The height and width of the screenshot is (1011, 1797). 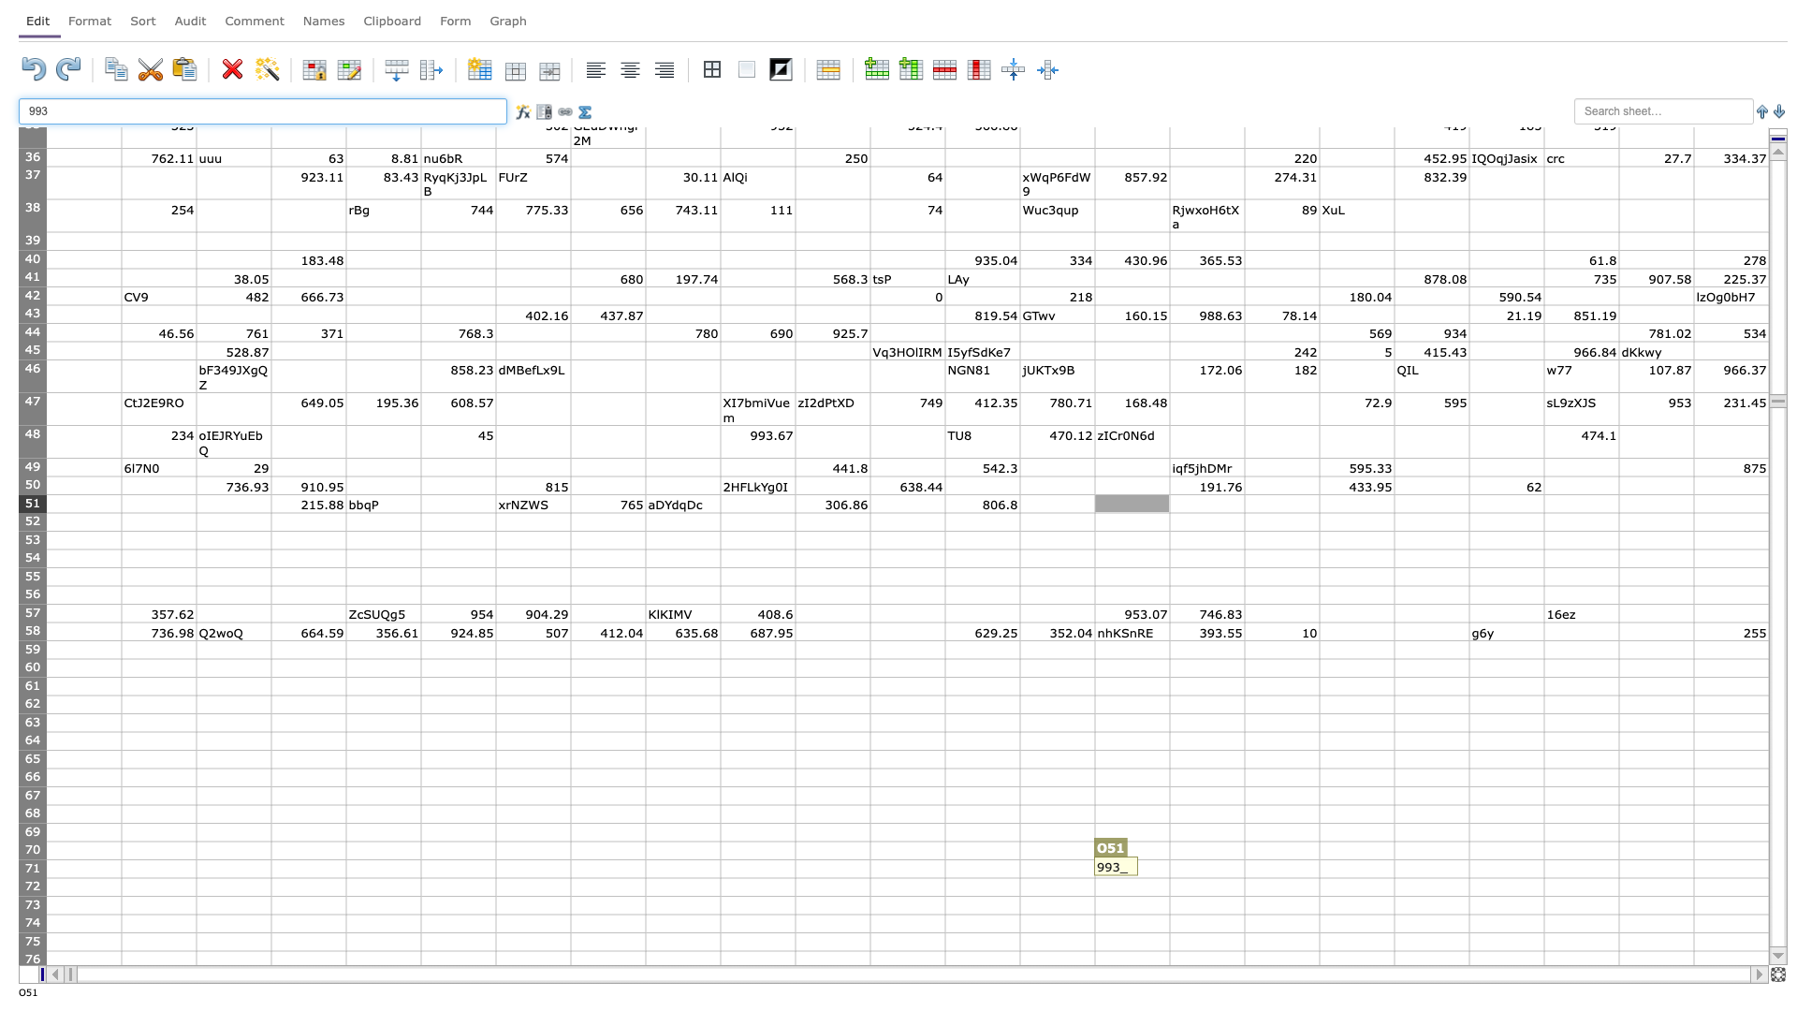 I want to click on fill handle of Q71, so click(x=1319, y=877).